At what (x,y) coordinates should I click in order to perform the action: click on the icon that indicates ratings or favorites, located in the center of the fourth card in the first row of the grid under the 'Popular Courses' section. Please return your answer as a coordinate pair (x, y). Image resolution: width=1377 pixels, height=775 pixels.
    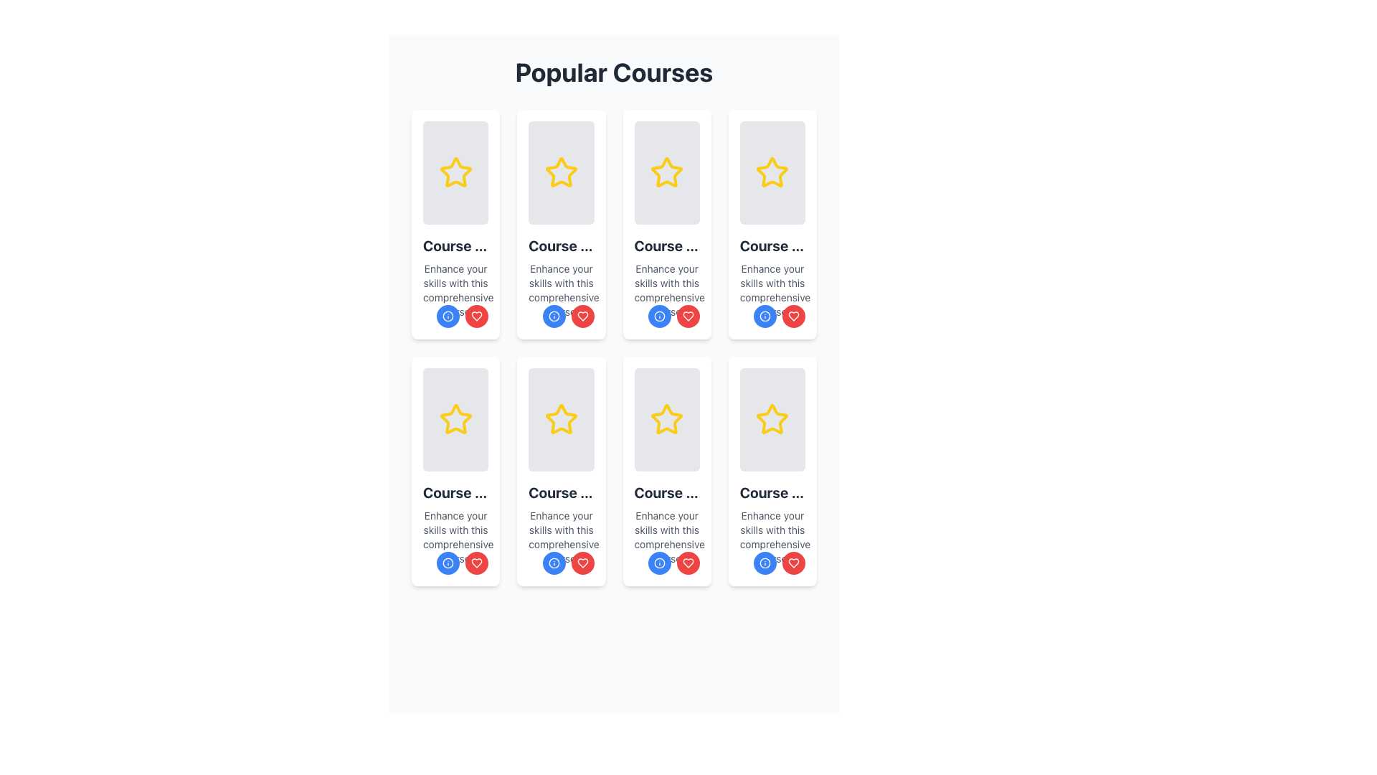
    Looking at the image, I should click on (772, 172).